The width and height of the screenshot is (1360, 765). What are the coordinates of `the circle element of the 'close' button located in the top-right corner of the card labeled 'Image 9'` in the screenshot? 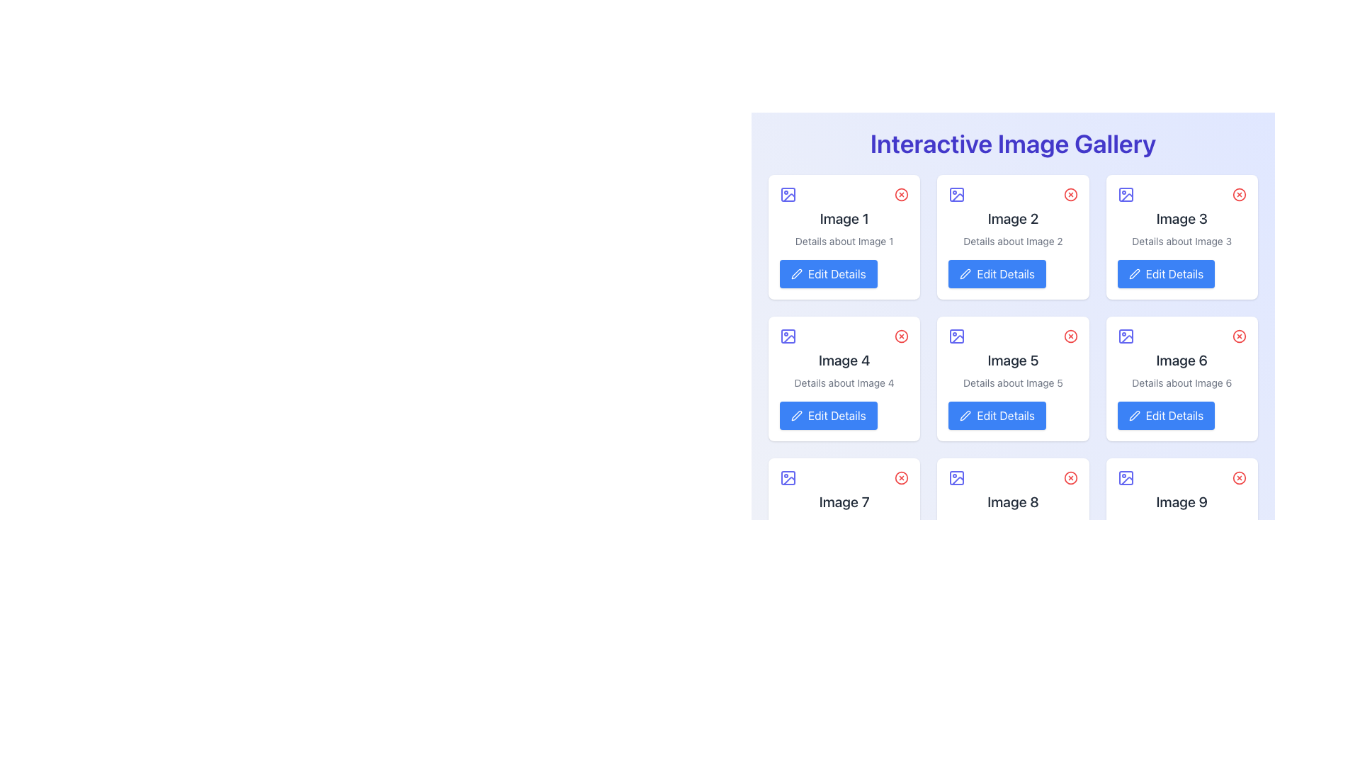 It's located at (1238, 478).